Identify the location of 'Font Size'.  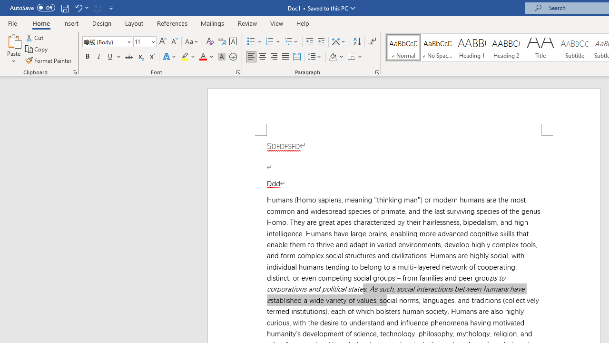
(141, 41).